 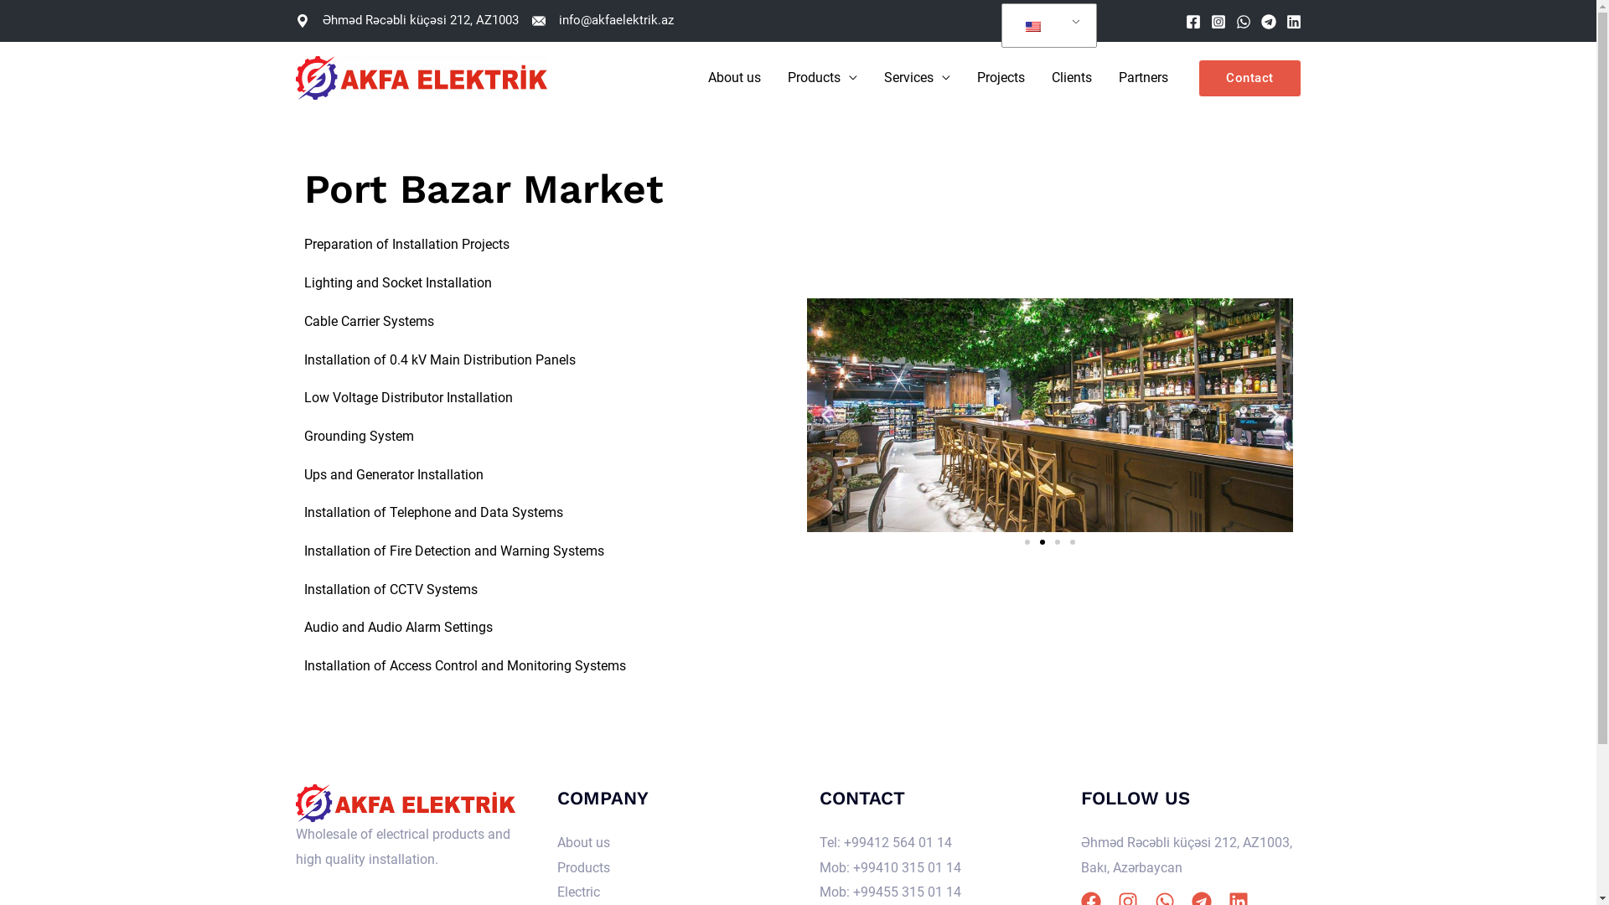 What do you see at coordinates (889, 867) in the screenshot?
I see `'Mob: +99410 315 01 14'` at bounding box center [889, 867].